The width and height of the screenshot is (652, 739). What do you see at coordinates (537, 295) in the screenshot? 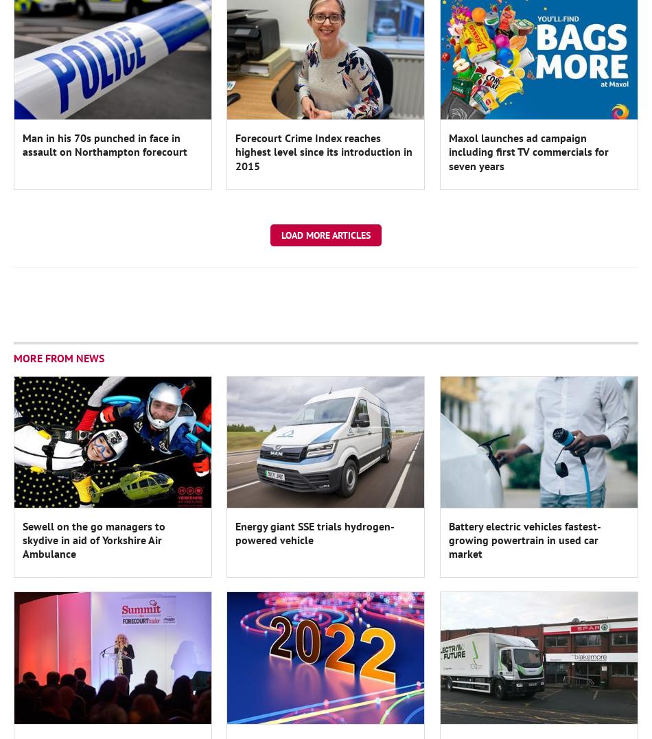
I see `'Police issue CCTV image in appeal after cyclist damages car on forecourt'` at bounding box center [537, 295].